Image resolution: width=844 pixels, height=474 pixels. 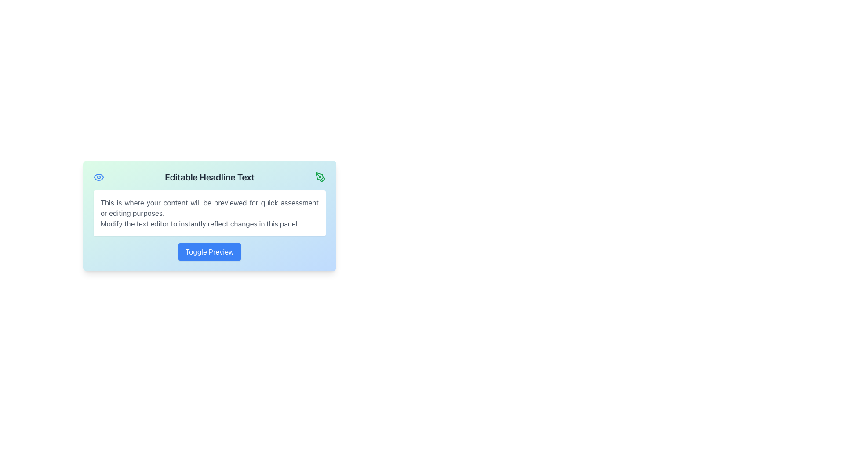 I want to click on text of the Heading or Title Text located at the top center of the panel, which serves as the title for the content within the panel, so click(x=209, y=177).